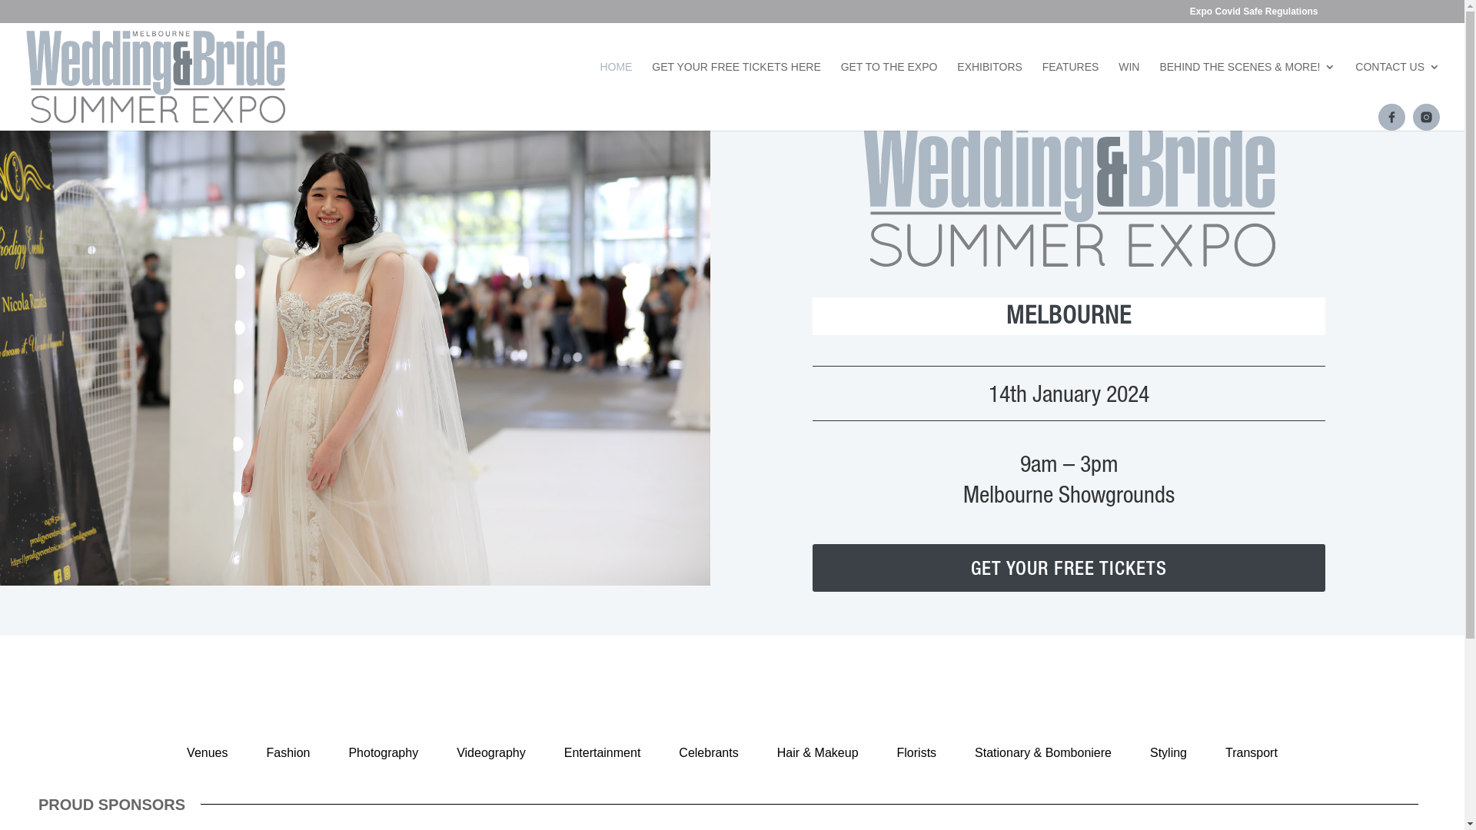 This screenshot has height=830, width=1476. What do you see at coordinates (1043, 752) in the screenshot?
I see `'Stationary & Bomboniere'` at bounding box center [1043, 752].